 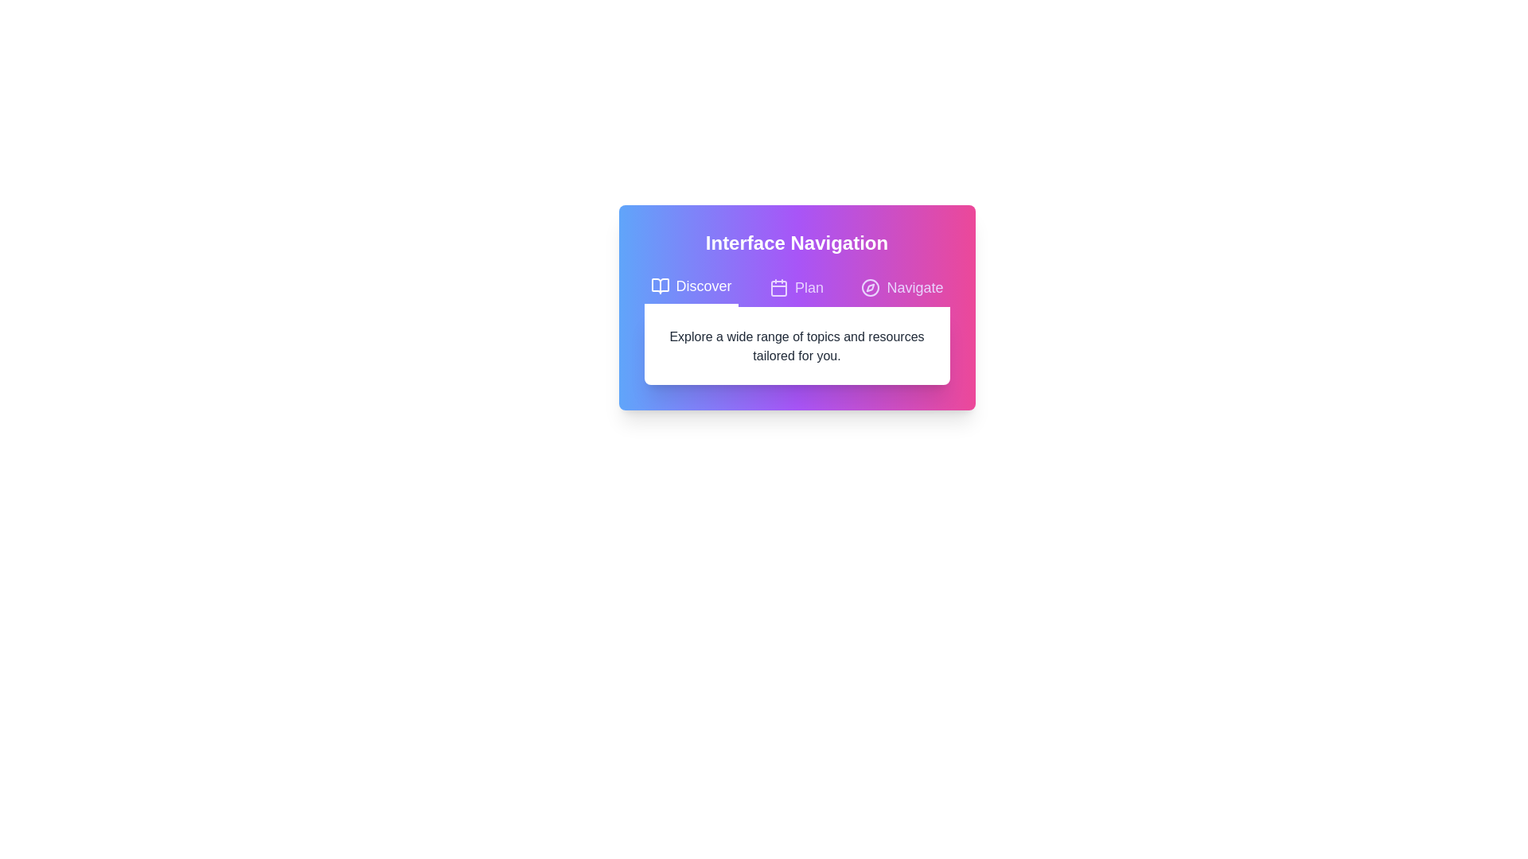 What do you see at coordinates (797, 345) in the screenshot?
I see `the text block that contains the message 'Explore a wide range of topics and resources tailored for you.'` at bounding box center [797, 345].